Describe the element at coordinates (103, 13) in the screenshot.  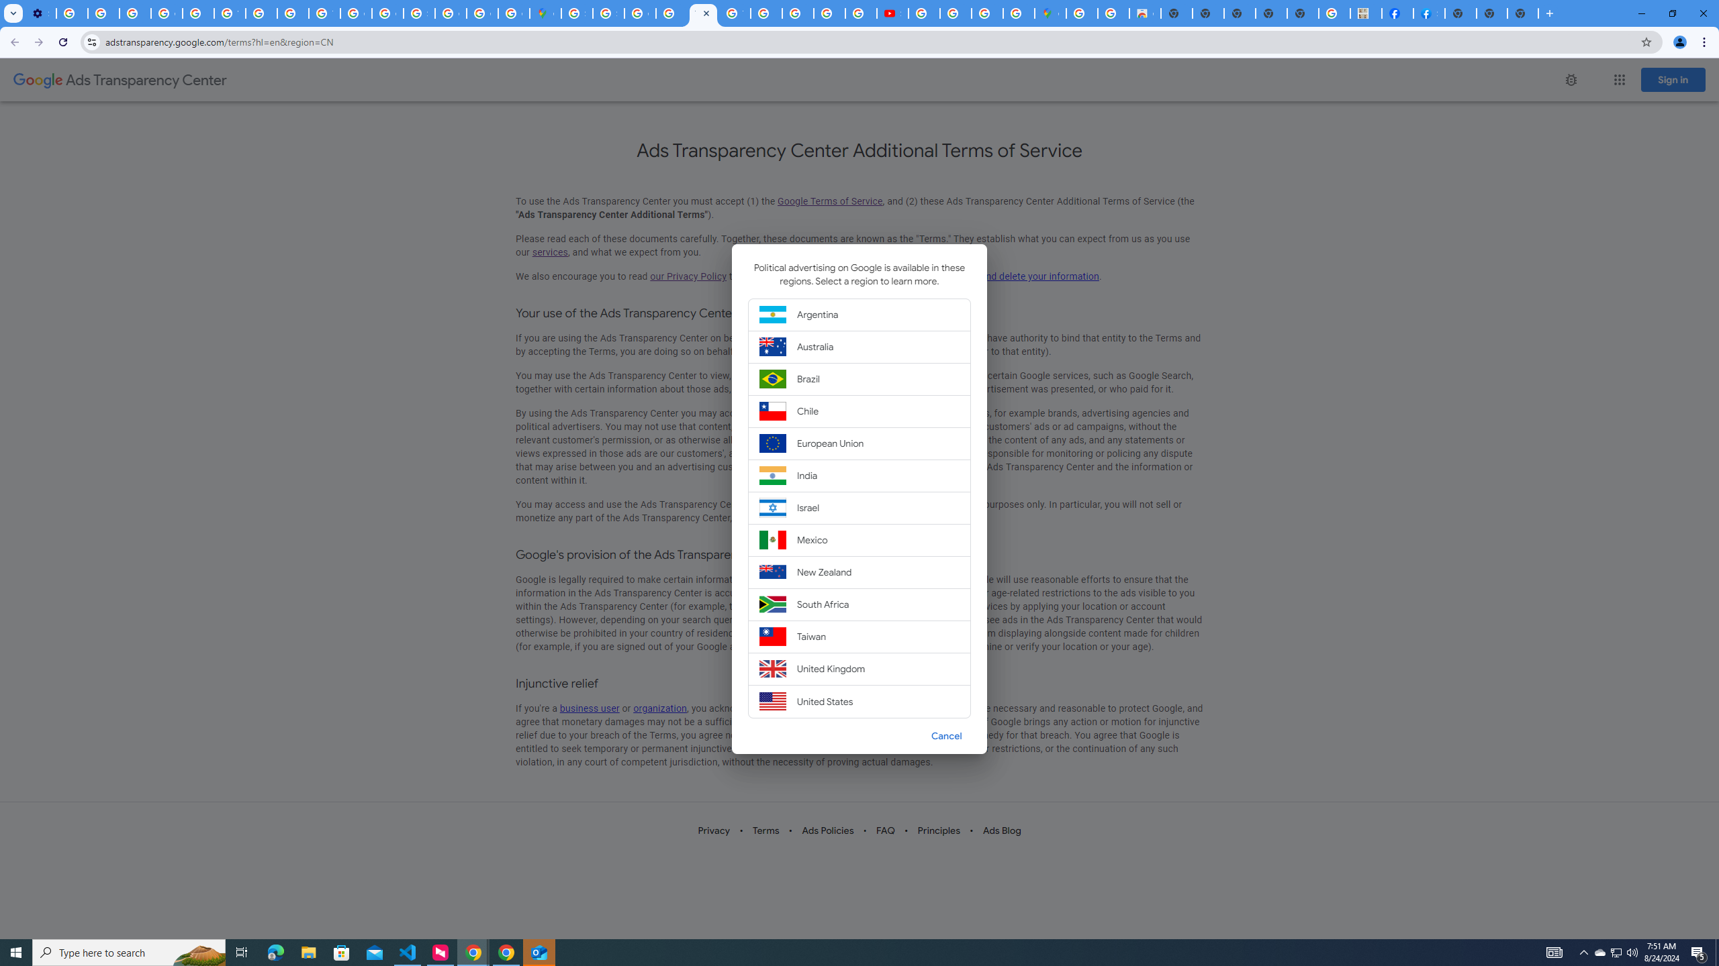
I see `'Learn how to find your photos - Google Photos Help'` at that location.